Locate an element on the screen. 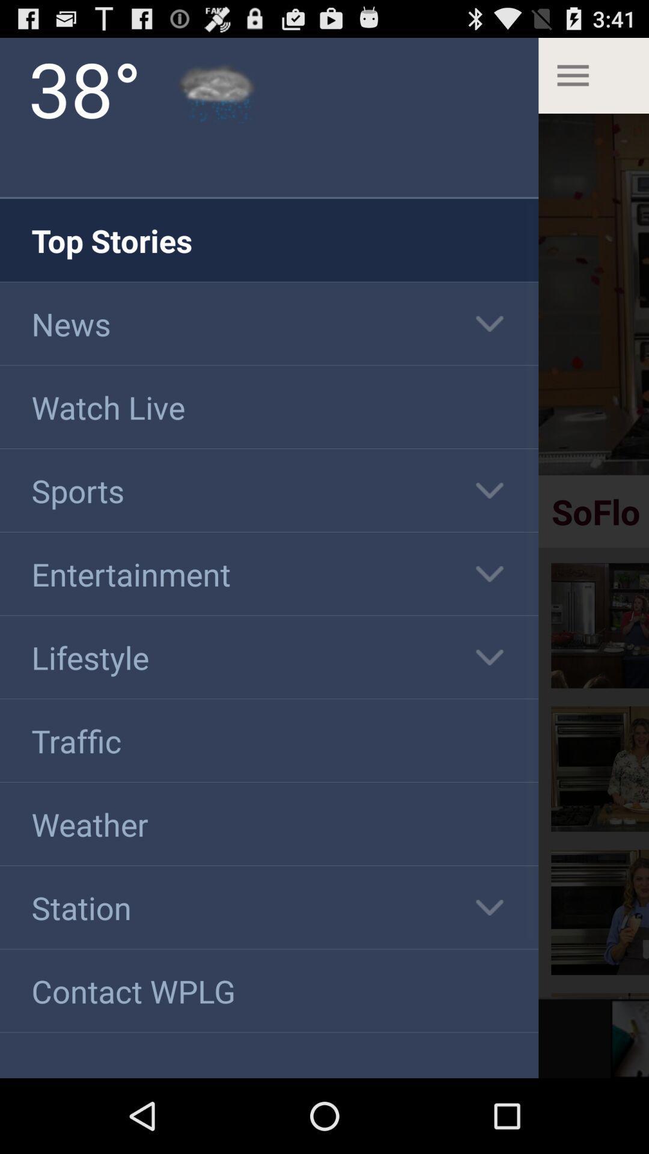 Image resolution: width=649 pixels, height=1154 pixels. the top right more option is located at coordinates (593, 75).